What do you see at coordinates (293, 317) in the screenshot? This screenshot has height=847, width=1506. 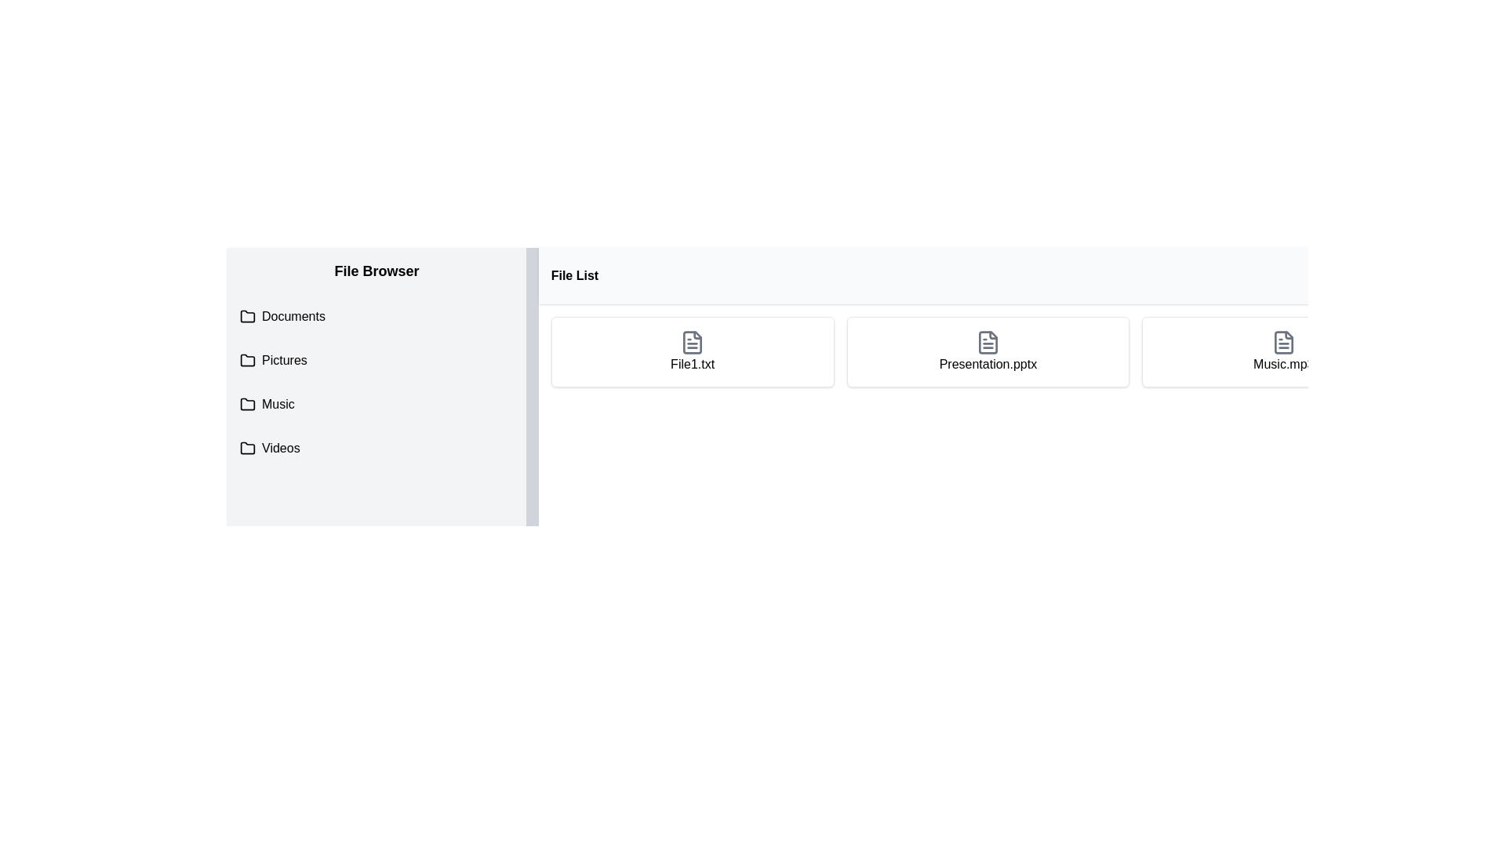 I see `the 'Documents' text label in the 'File Browser' panel, which is the second item in the list and represents the 'Documents' directory` at bounding box center [293, 317].